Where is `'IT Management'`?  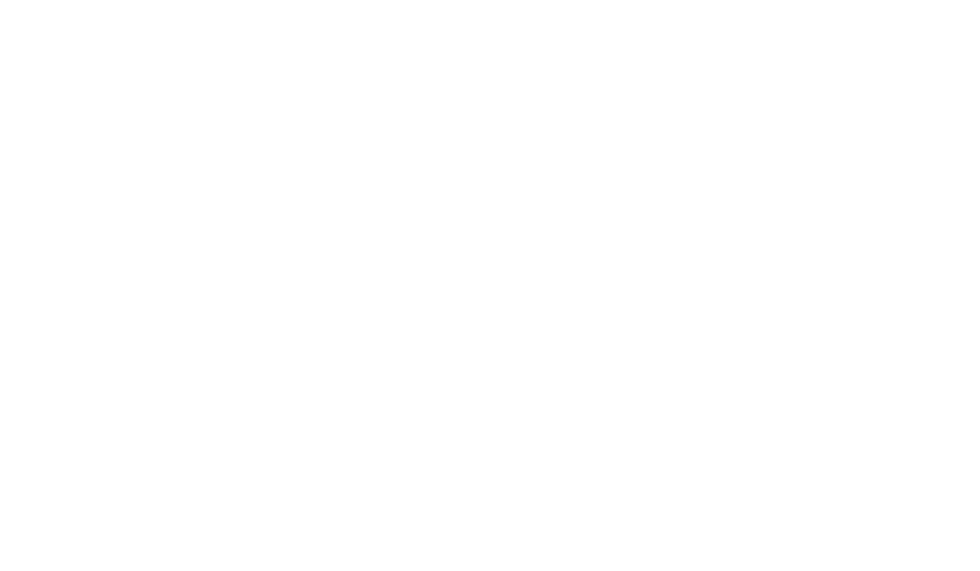
'IT Management' is located at coordinates (273, 539).